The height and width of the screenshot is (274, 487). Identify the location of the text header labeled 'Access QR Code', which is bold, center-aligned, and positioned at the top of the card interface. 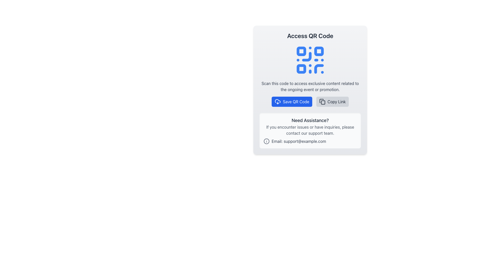
(310, 36).